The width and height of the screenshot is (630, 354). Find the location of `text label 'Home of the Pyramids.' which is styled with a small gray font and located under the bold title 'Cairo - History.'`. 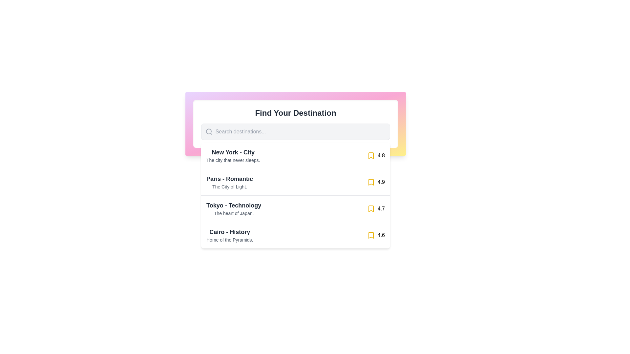

text label 'Home of the Pyramids.' which is styled with a small gray font and located under the bold title 'Cairo - History.' is located at coordinates (230, 240).